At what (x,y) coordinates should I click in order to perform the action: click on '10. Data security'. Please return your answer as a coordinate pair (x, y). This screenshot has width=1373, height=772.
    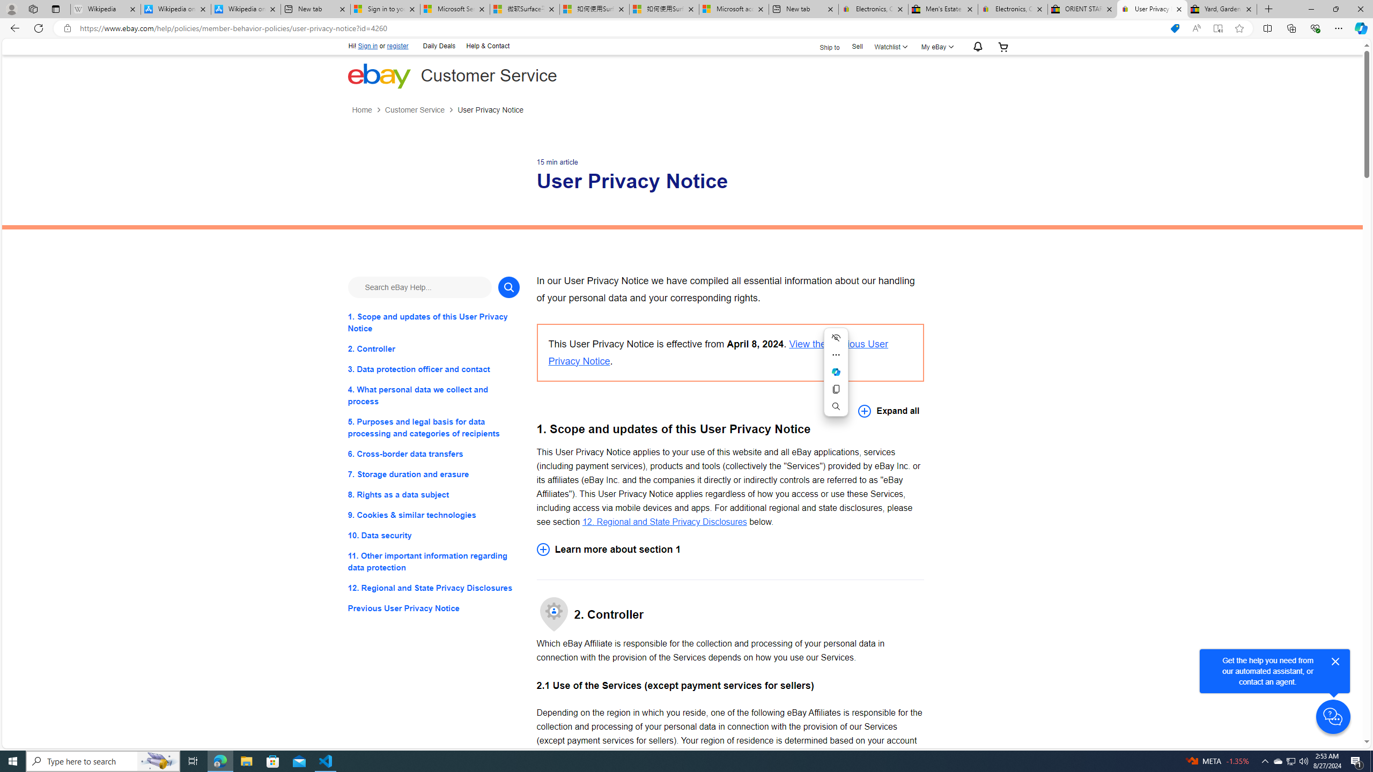
    Looking at the image, I should click on (433, 536).